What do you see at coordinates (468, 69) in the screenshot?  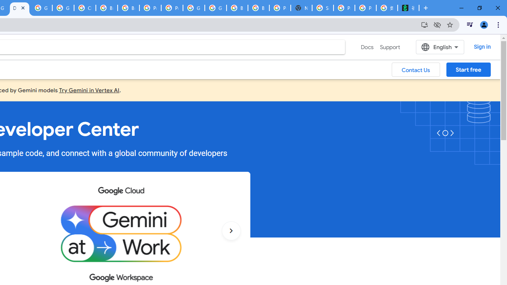 I see `'Start free'` at bounding box center [468, 69].